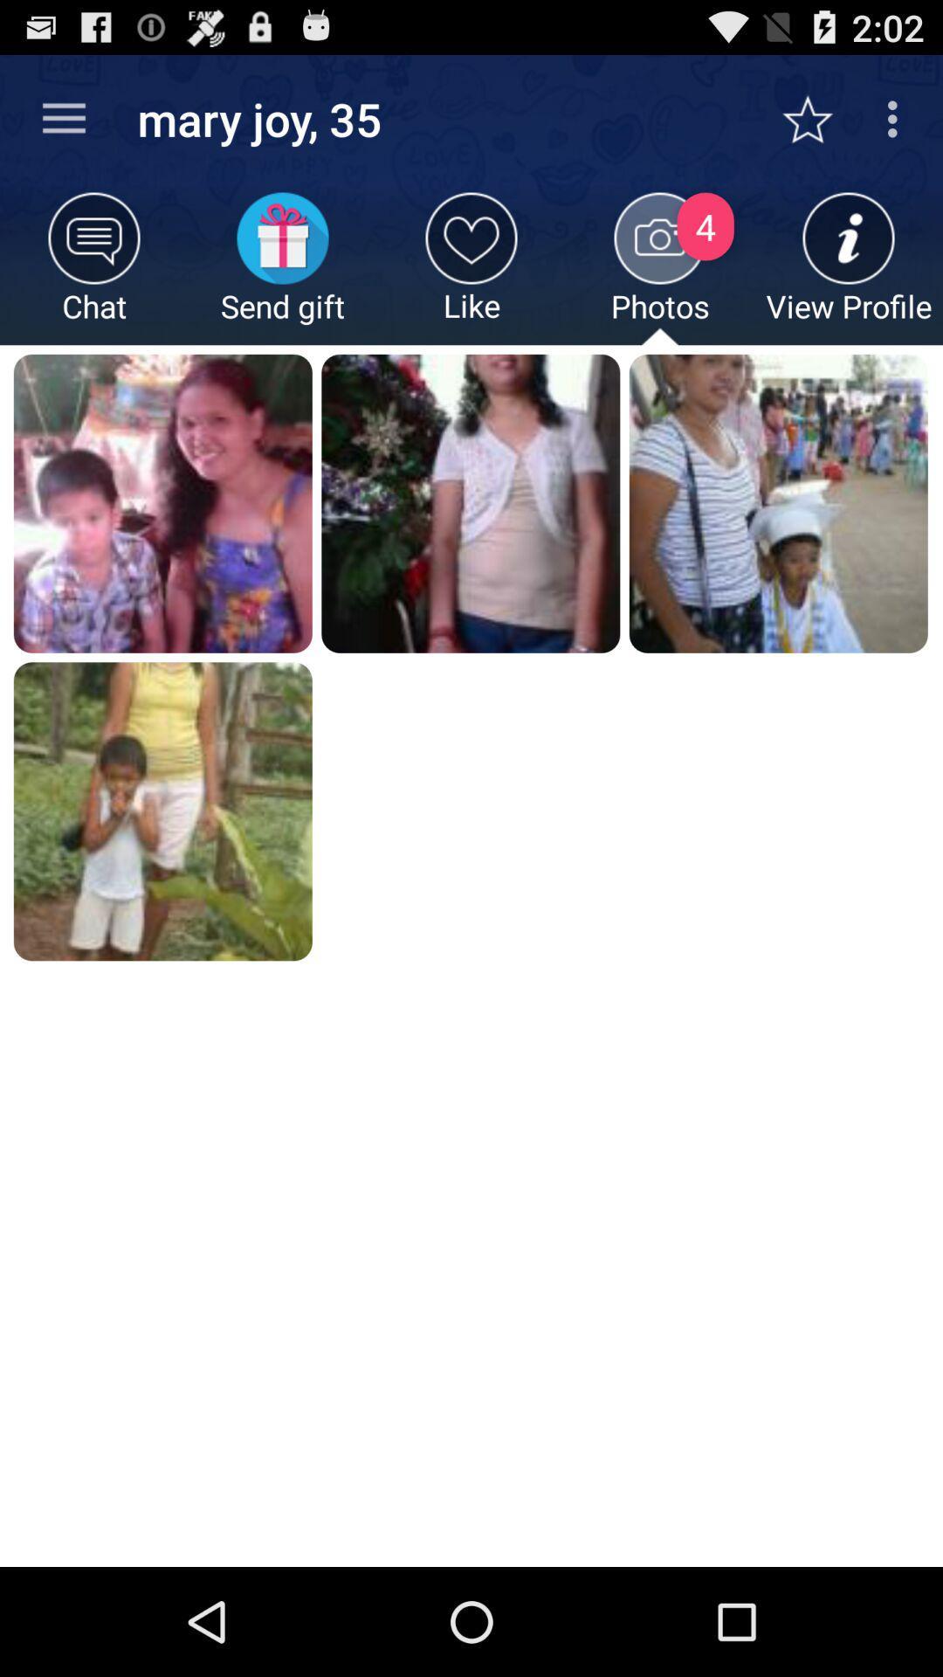 Image resolution: width=943 pixels, height=1677 pixels. I want to click on view profile icon, so click(848, 267).